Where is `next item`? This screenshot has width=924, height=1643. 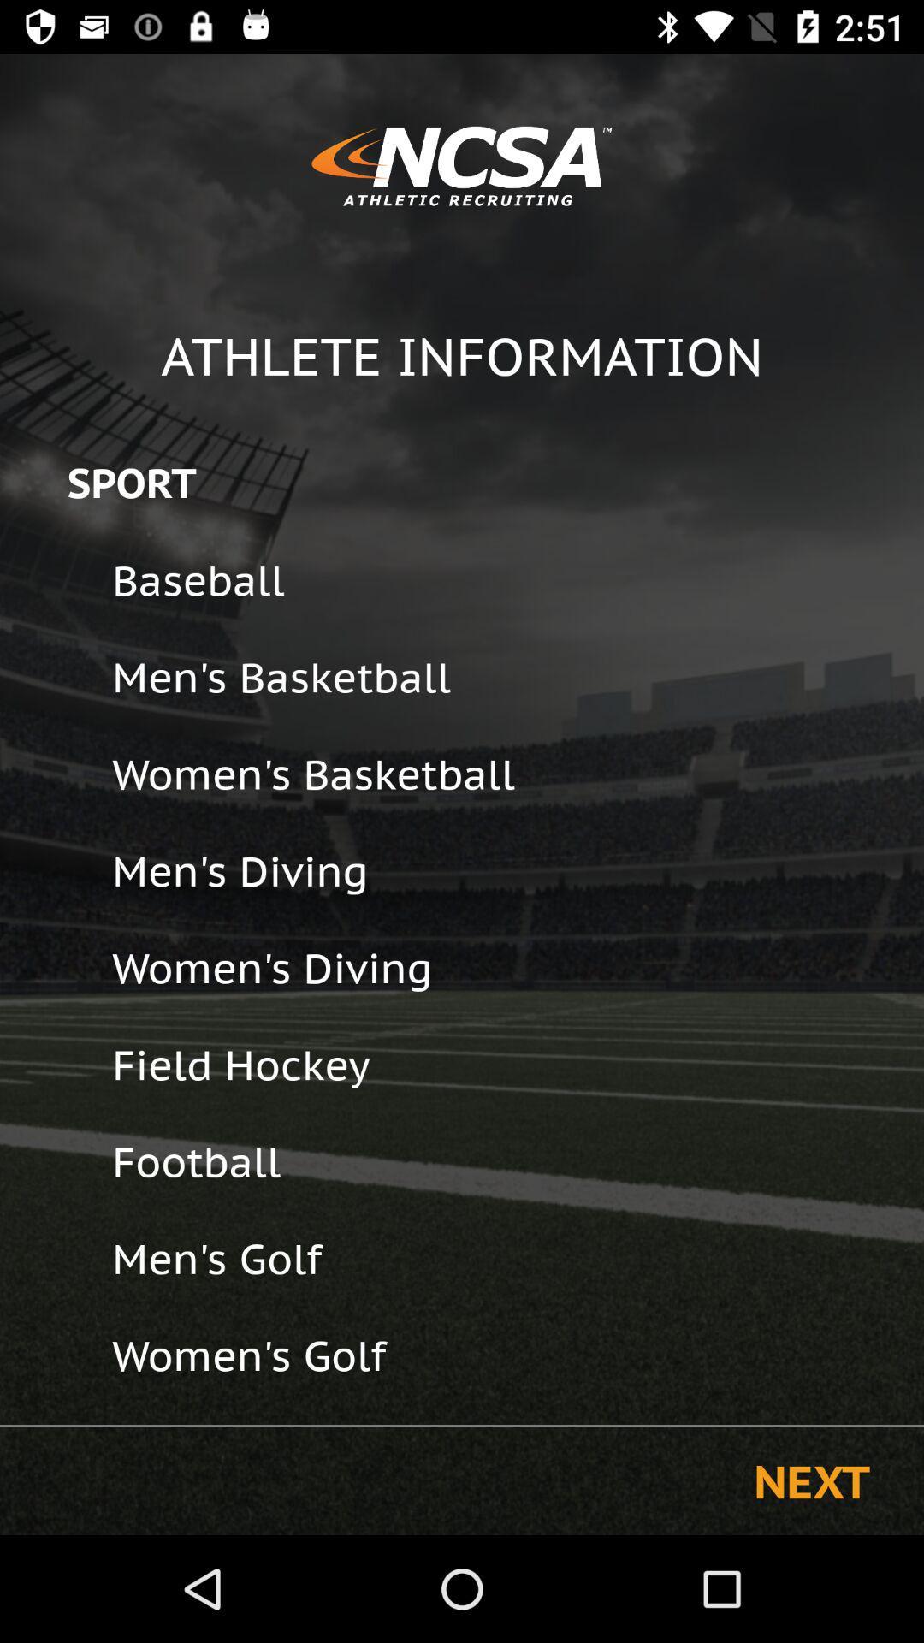
next item is located at coordinates (811, 1480).